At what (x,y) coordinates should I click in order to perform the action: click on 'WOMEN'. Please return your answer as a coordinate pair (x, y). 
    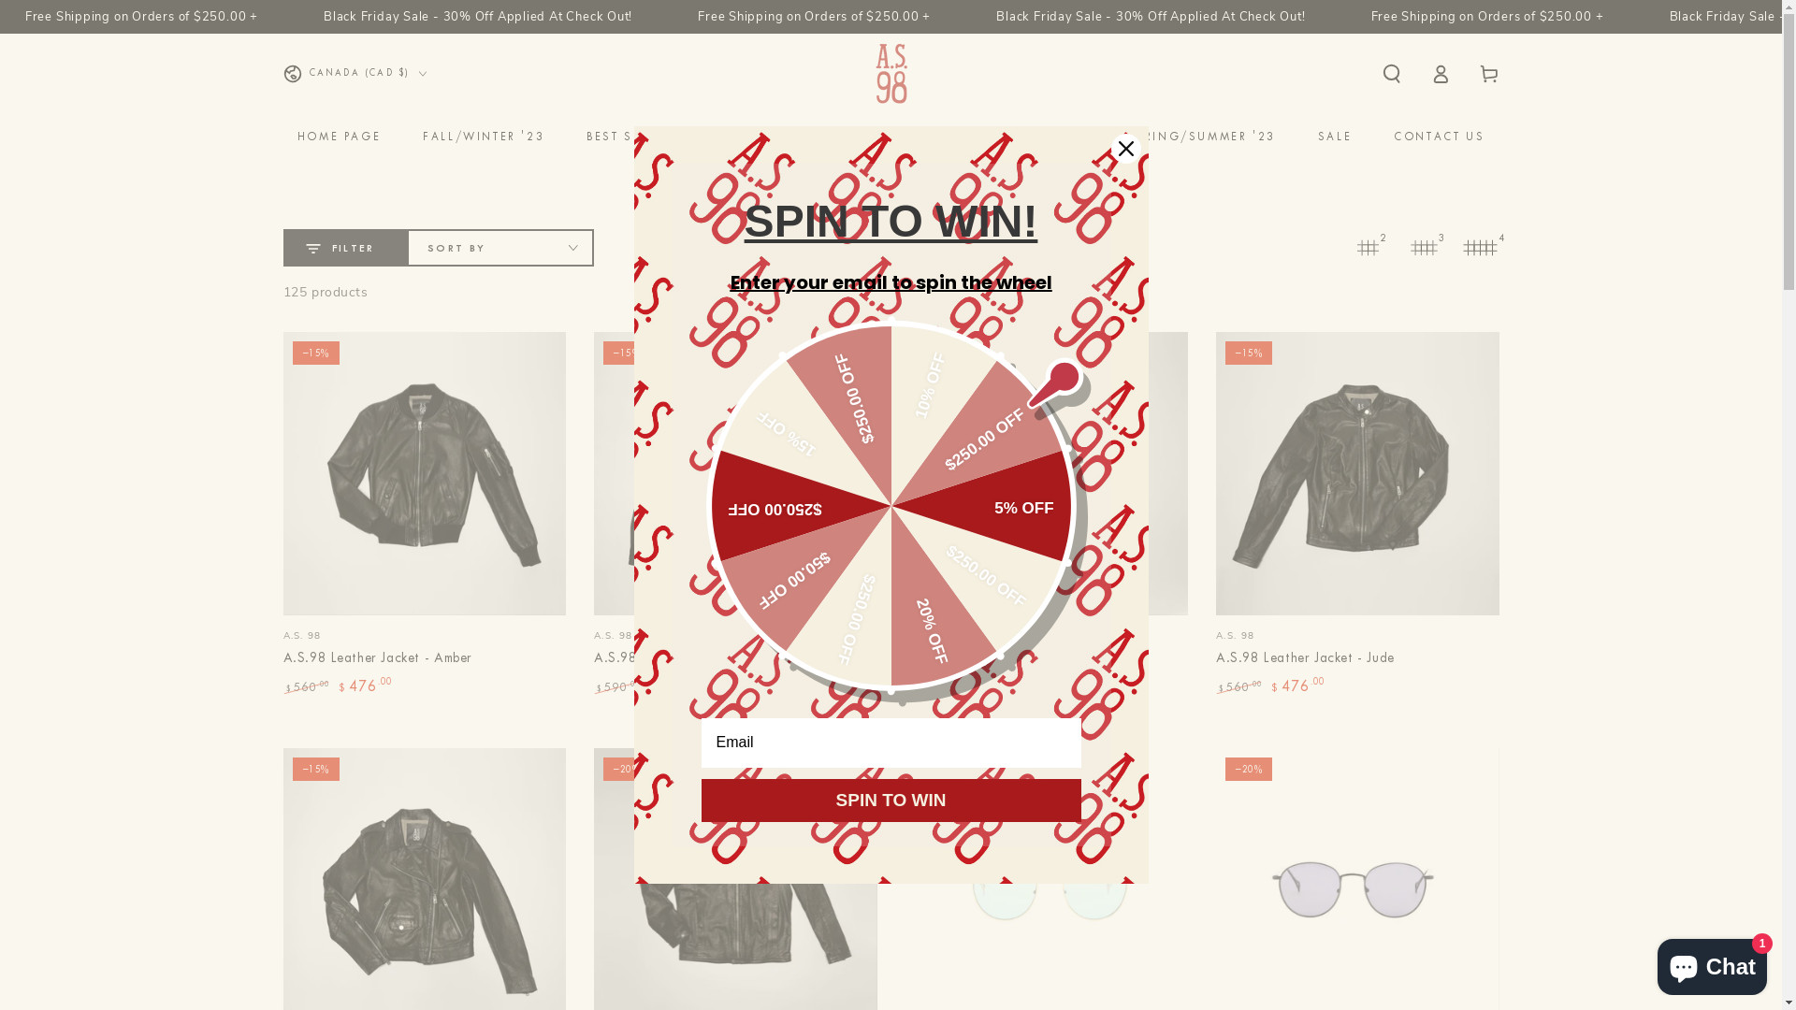
    Looking at the image, I should click on (749, 135).